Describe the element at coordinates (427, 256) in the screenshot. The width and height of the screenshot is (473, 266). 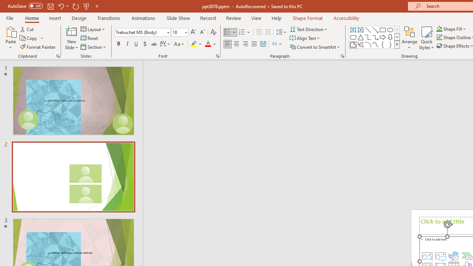
I see `'Stock Images'` at that location.